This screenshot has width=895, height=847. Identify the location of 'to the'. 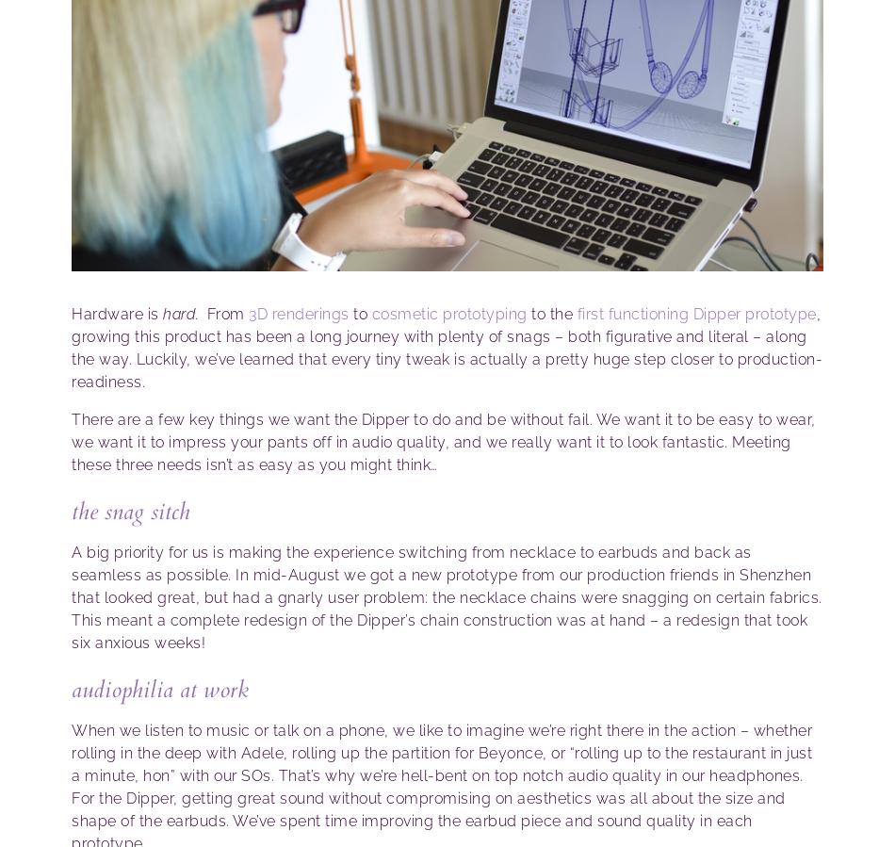
(551, 313).